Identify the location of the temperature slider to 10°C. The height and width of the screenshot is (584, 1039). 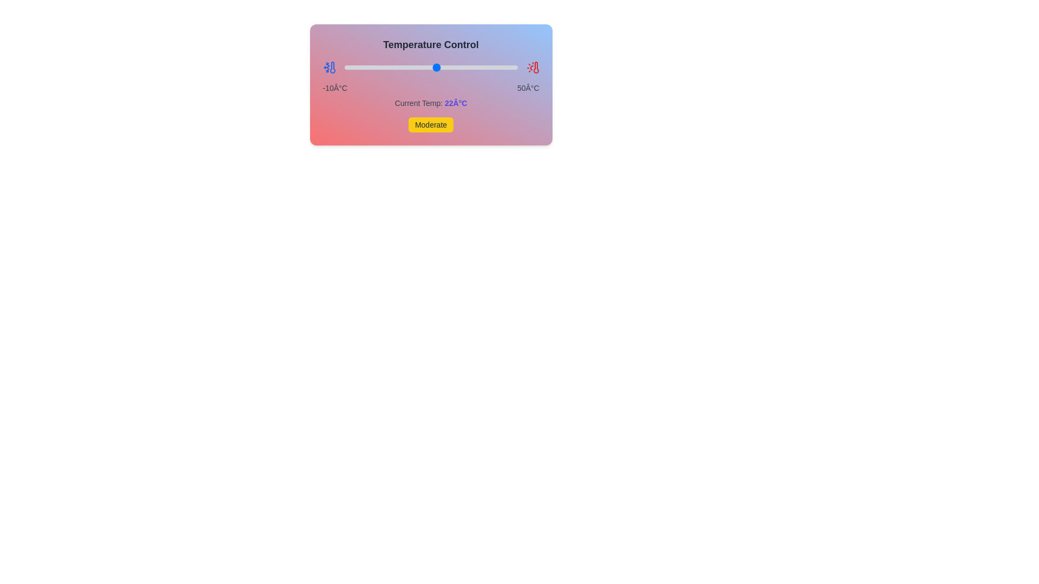
(402, 67).